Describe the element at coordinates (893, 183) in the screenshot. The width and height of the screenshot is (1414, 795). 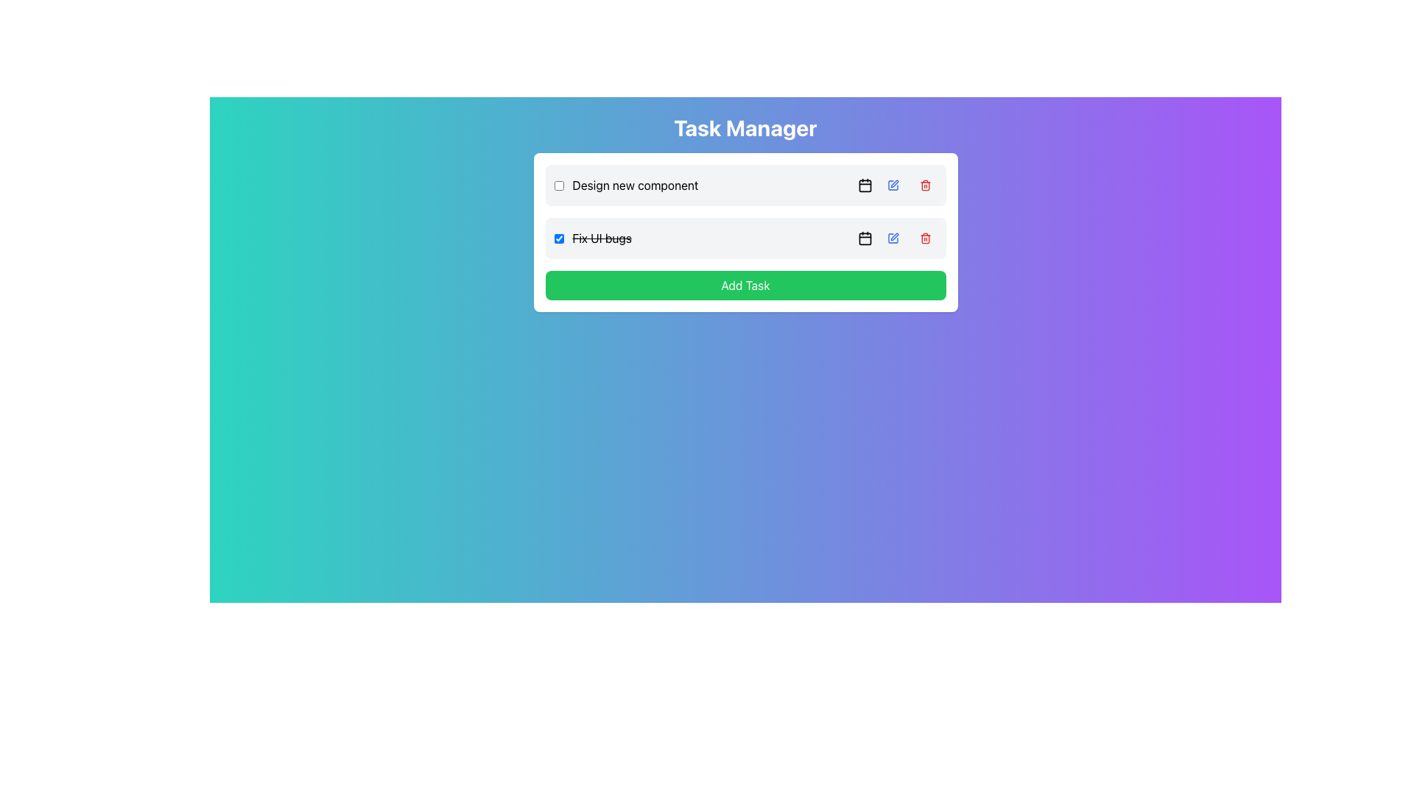
I see `the small pen icon located in the task editing section` at that location.